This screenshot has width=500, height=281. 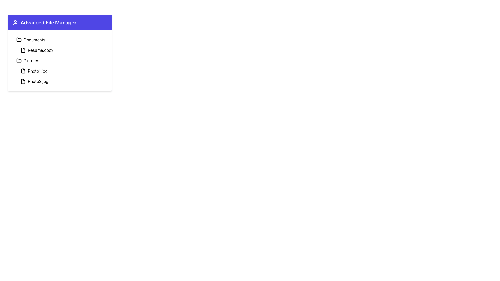 What do you see at coordinates (23, 71) in the screenshot?
I see `the SVG icon representing a file` at bounding box center [23, 71].